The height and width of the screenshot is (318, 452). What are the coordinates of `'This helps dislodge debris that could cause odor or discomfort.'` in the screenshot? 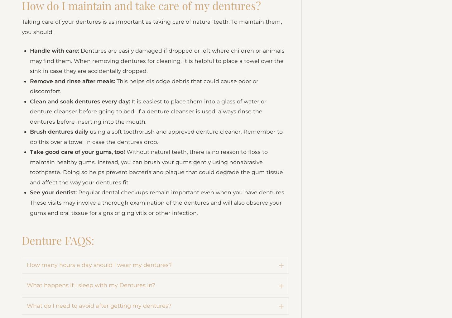 It's located at (146, 122).